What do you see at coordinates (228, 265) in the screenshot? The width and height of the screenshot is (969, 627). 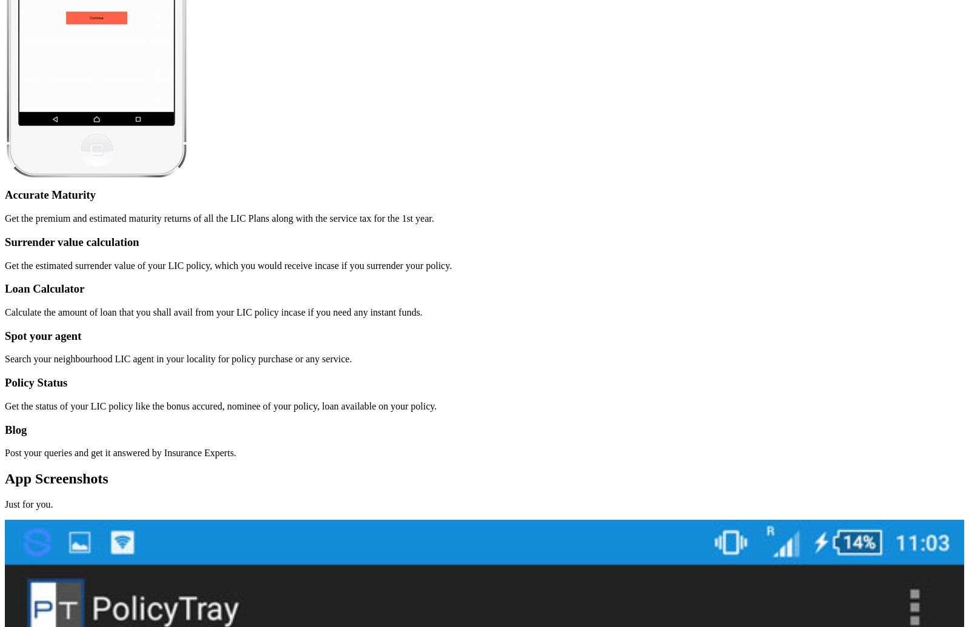 I see `'Get the estimated surrender value of your LIC policy, which you would receive incase if you surrender your policy.'` at bounding box center [228, 265].